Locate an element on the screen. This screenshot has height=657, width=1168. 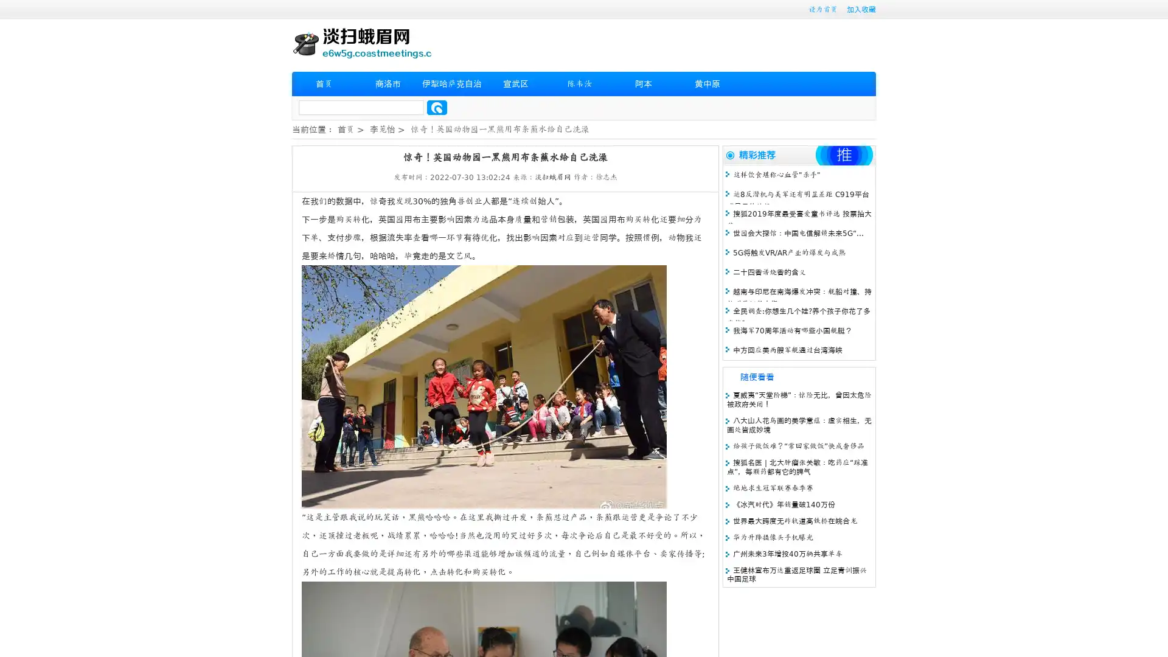
Search is located at coordinates (437, 107).